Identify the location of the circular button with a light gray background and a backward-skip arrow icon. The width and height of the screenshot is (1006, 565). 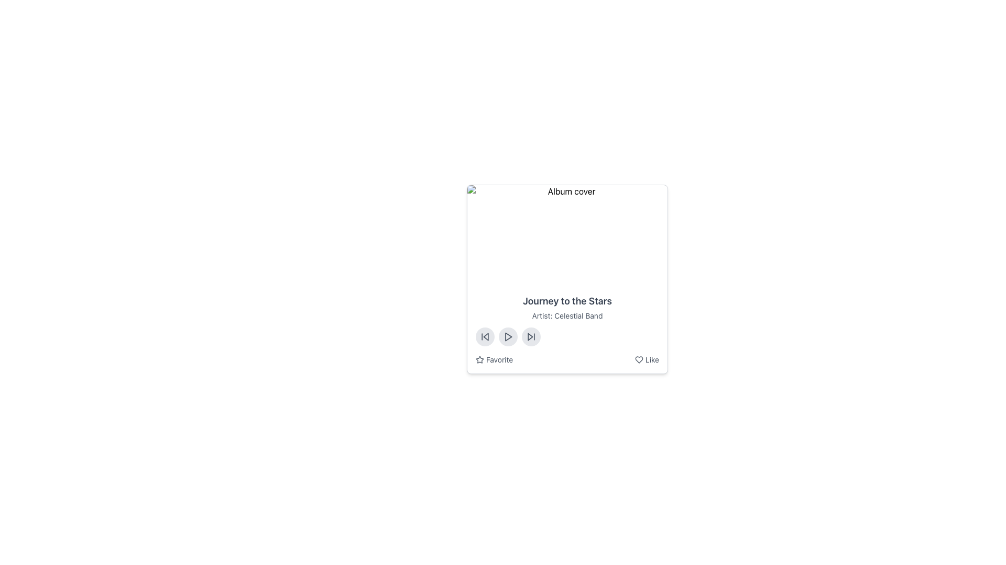
(485, 337).